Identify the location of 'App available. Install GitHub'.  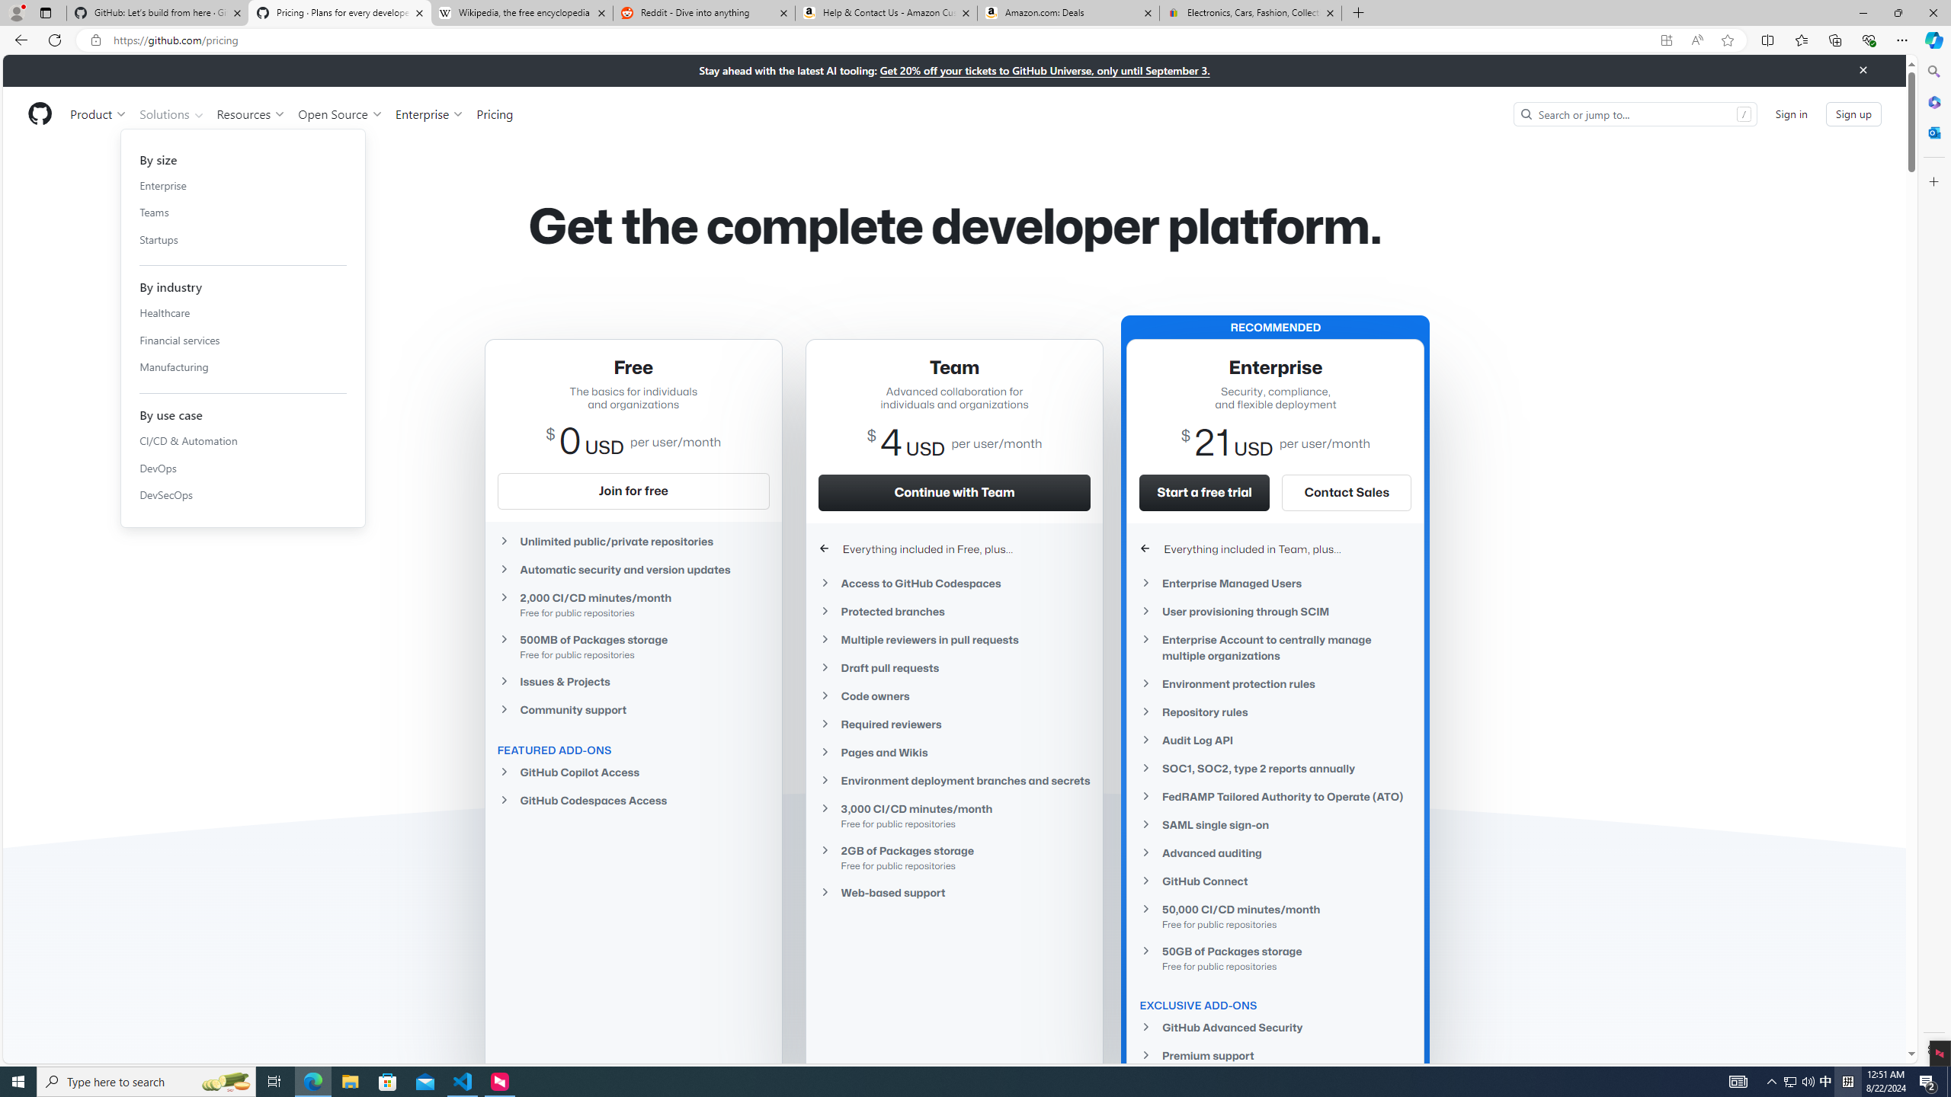
(1665, 40).